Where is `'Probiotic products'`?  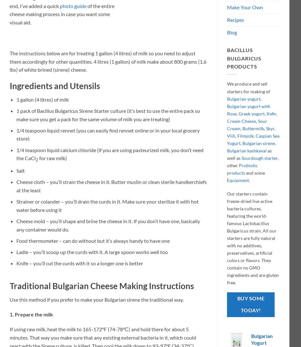 'Probiotic products' is located at coordinates (242, 169).